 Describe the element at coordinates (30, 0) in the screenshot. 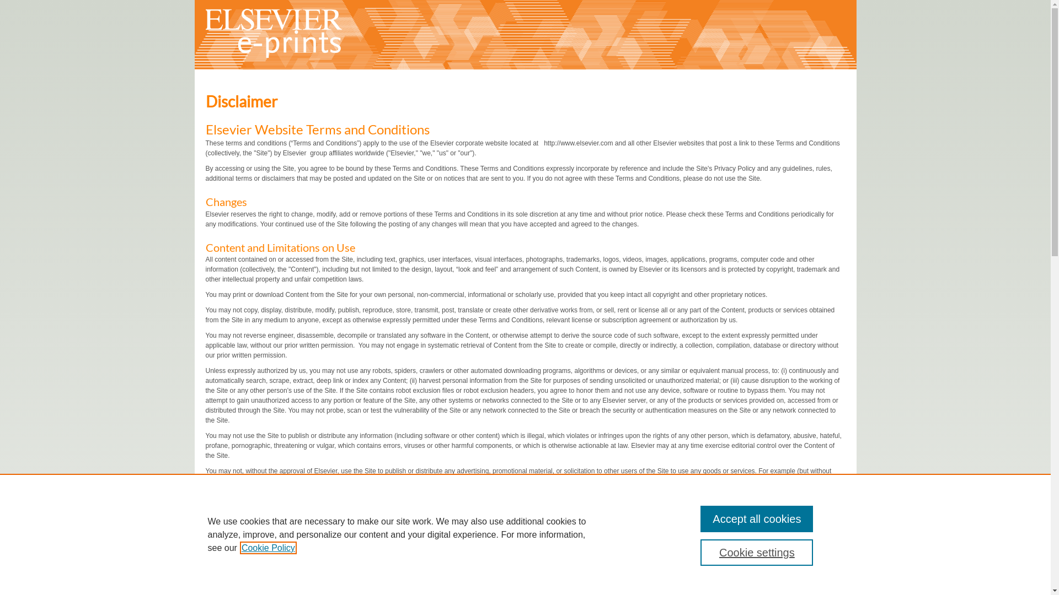

I see `'Skip to main content'` at that location.